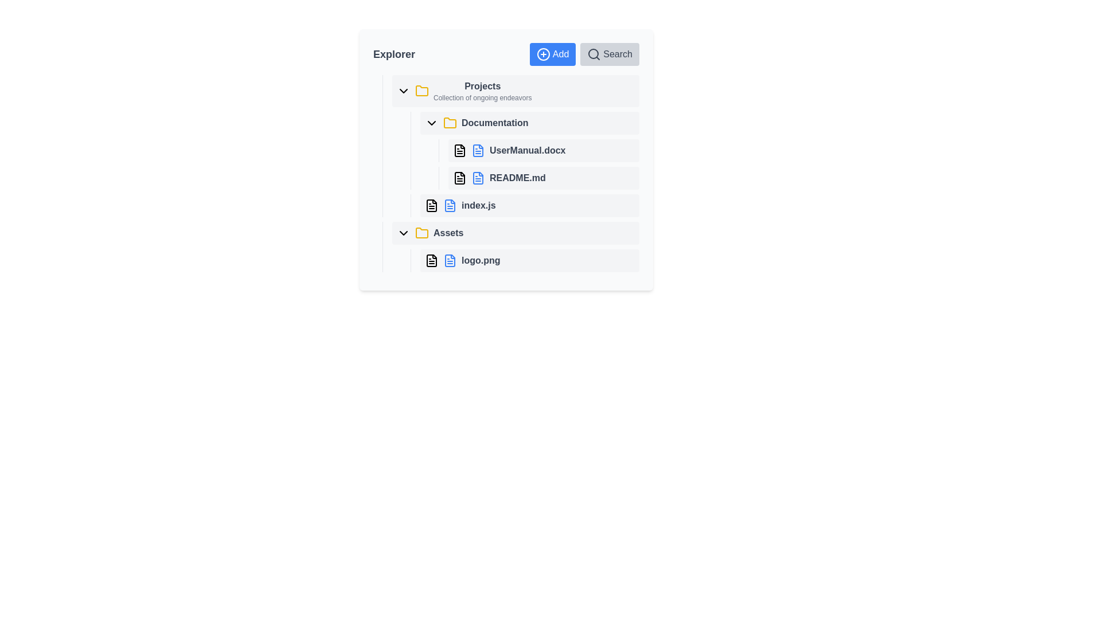 This screenshot has width=1101, height=619. I want to click on the row, so click(529, 205).